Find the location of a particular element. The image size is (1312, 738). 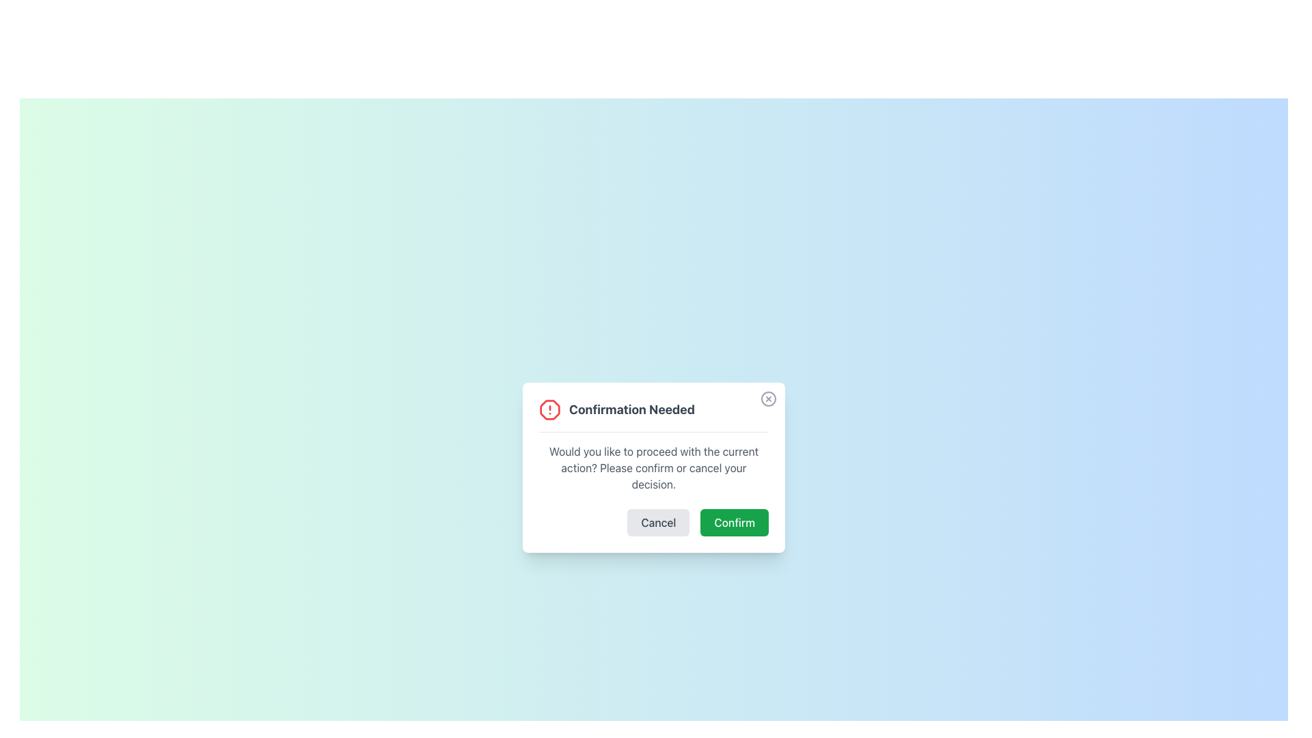

the static text displaying the message 'Would you like to proceed with the current action? Please confirm or cancel your decision.' which is styled in gray color and located within the modal dialog box is located at coordinates (653, 466).